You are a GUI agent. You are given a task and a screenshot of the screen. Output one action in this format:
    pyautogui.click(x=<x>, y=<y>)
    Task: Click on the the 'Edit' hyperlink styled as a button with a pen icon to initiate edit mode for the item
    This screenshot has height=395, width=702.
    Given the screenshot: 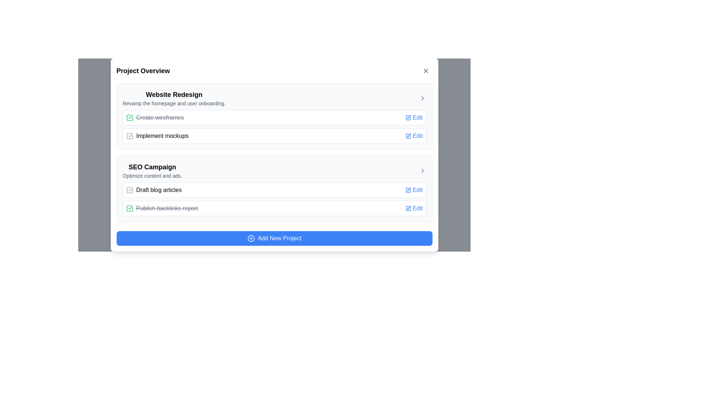 What is the action you would take?
    pyautogui.click(x=414, y=136)
    